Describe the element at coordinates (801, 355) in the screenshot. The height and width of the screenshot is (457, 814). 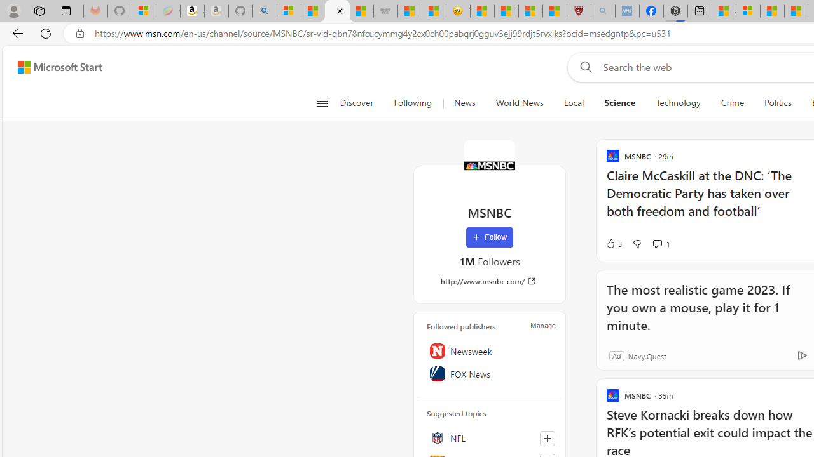
I see `'Ad Choice'` at that location.